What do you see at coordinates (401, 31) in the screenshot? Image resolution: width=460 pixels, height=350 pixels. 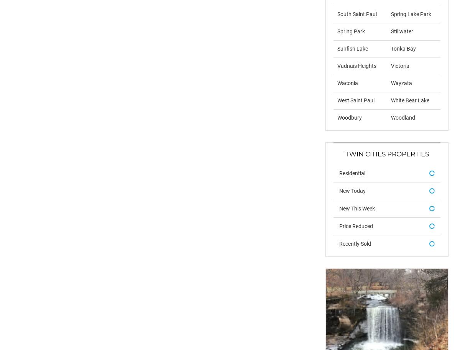 I see `'Stillwater'` at bounding box center [401, 31].